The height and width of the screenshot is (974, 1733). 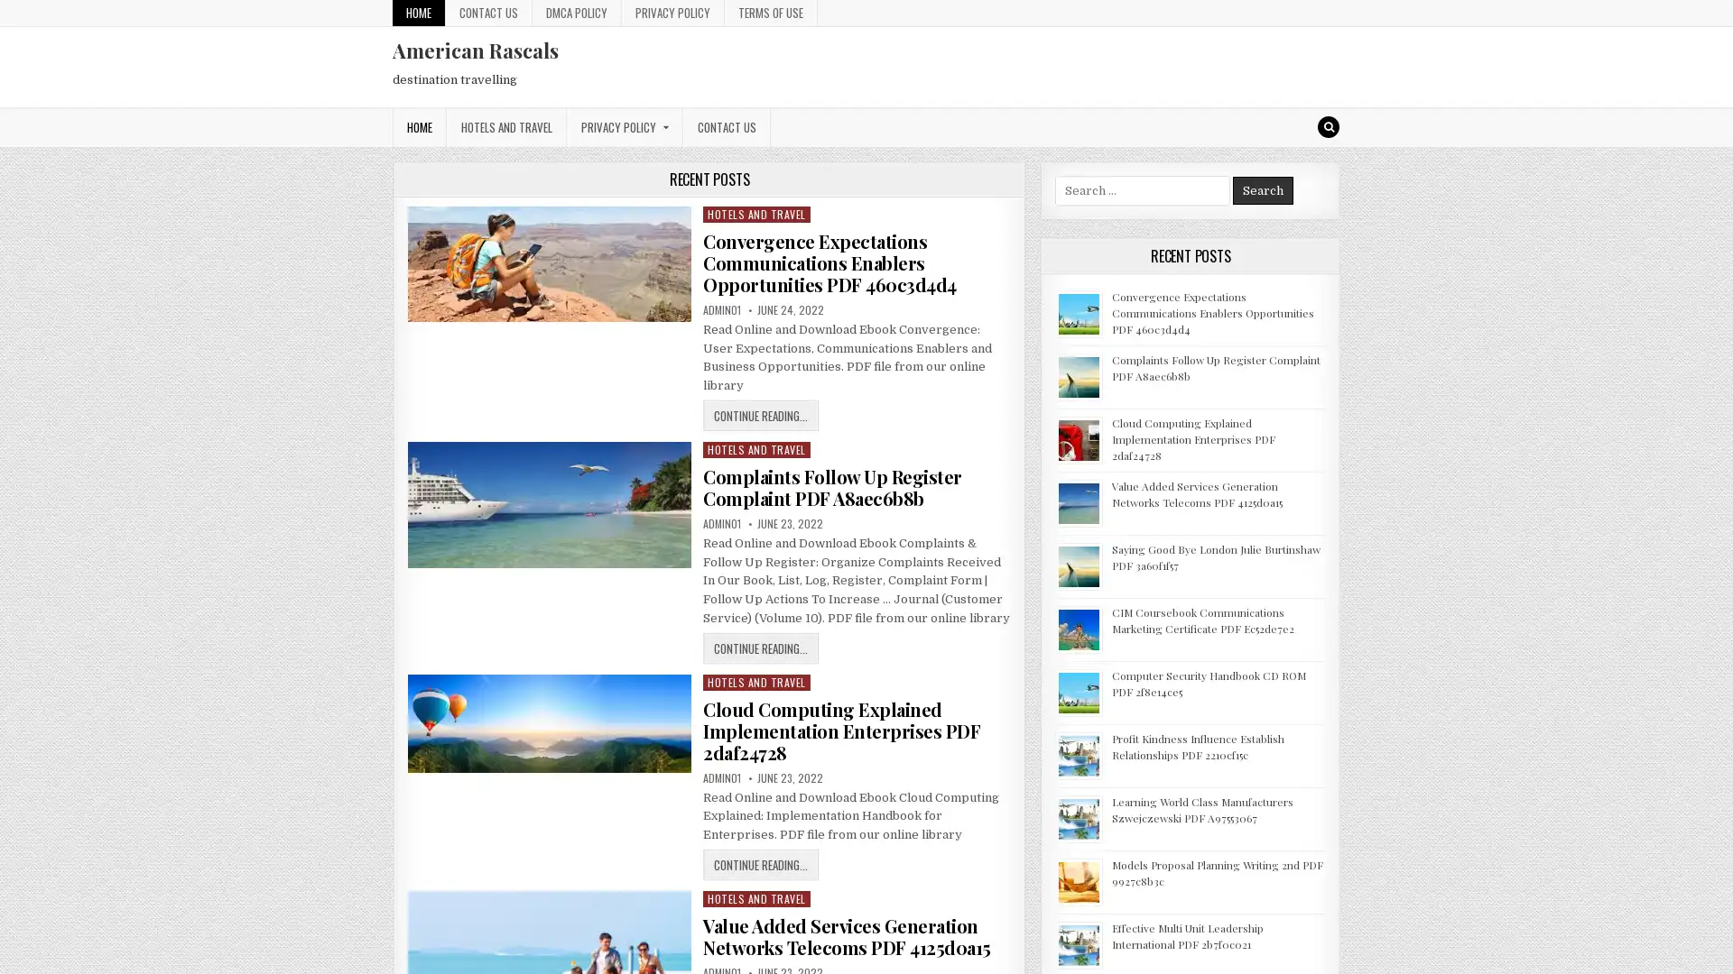 I want to click on Search, so click(x=1262, y=190).